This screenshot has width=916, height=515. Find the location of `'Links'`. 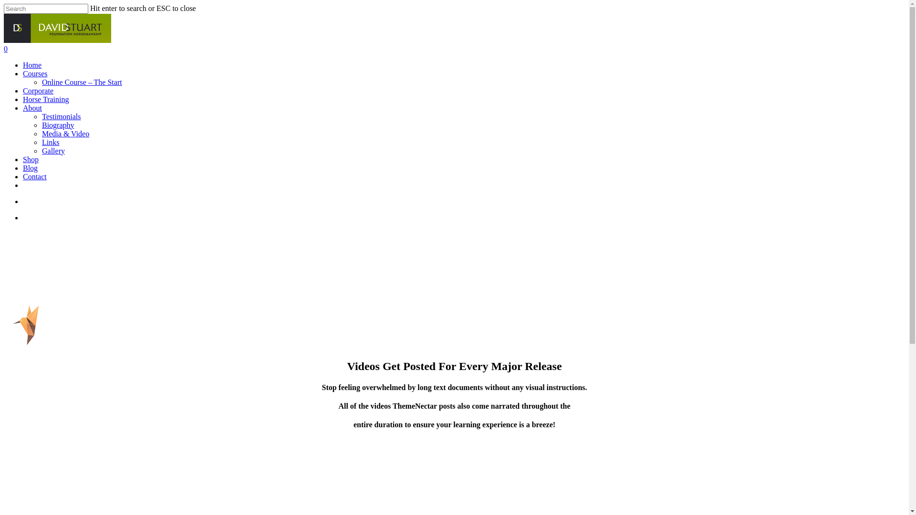

'Links' is located at coordinates (50, 142).